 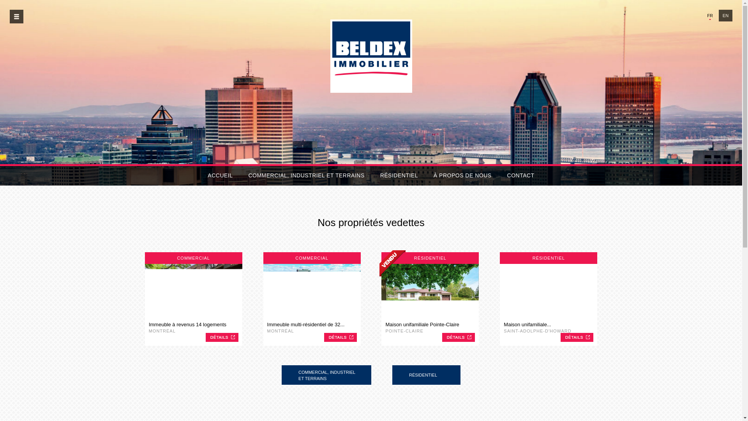 I want to click on 'Beldex Immobilier', so click(x=371, y=55).